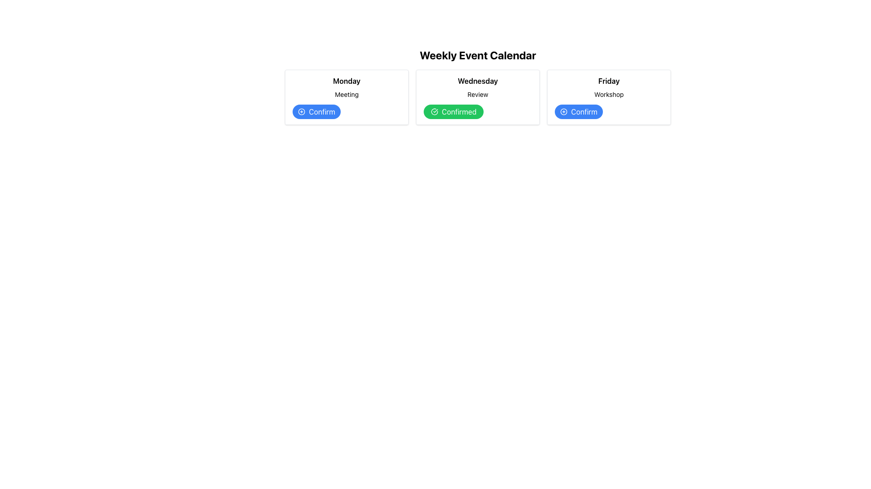 The height and width of the screenshot is (489, 871). What do you see at coordinates (346, 111) in the screenshot?
I see `the 'Confirm' button located in the bottom section of the leftmost card labeled 'Monday', designed to confirm actions related to Monday's events` at bounding box center [346, 111].